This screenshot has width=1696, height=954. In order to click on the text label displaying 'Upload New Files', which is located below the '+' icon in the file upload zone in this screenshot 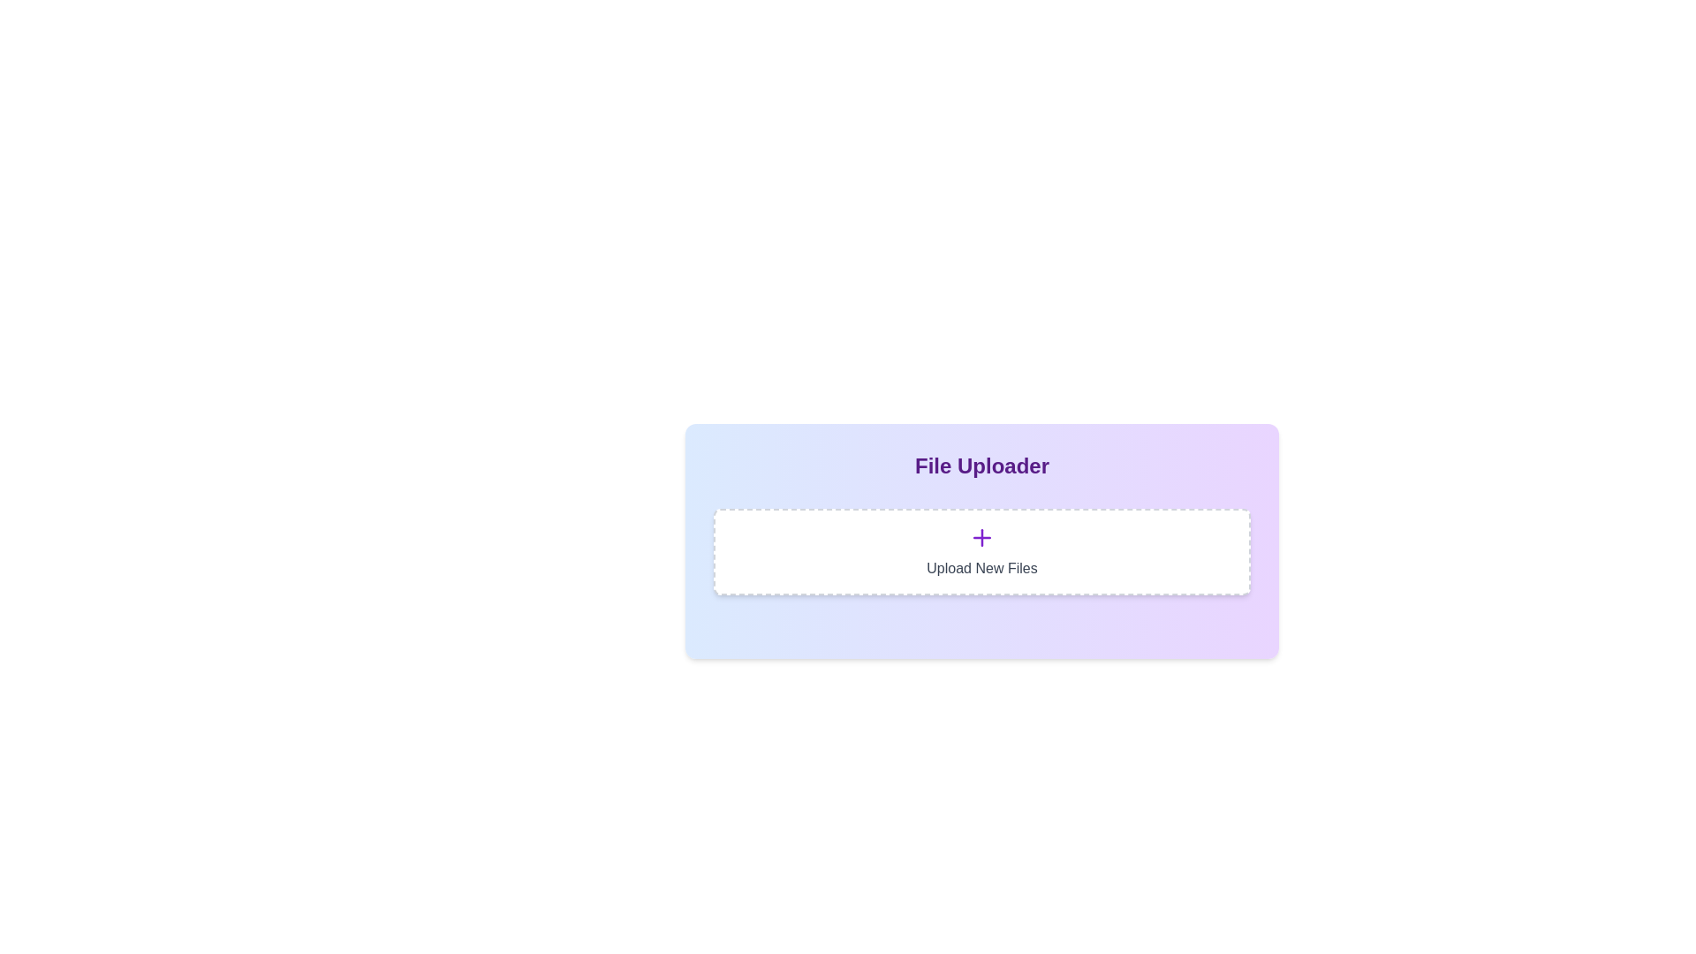, I will do `click(981, 569)`.